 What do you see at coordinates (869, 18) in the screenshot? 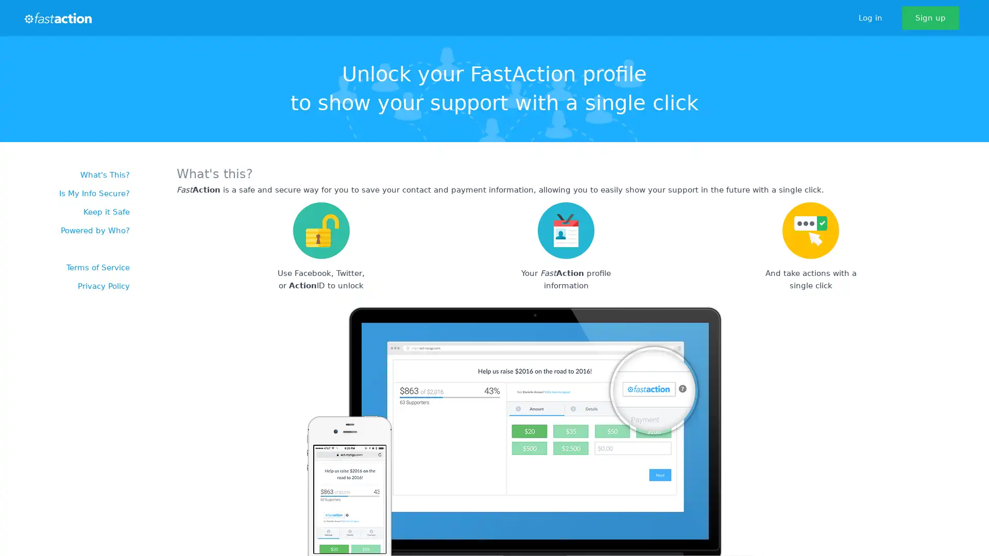
I see `Log in` at bounding box center [869, 18].